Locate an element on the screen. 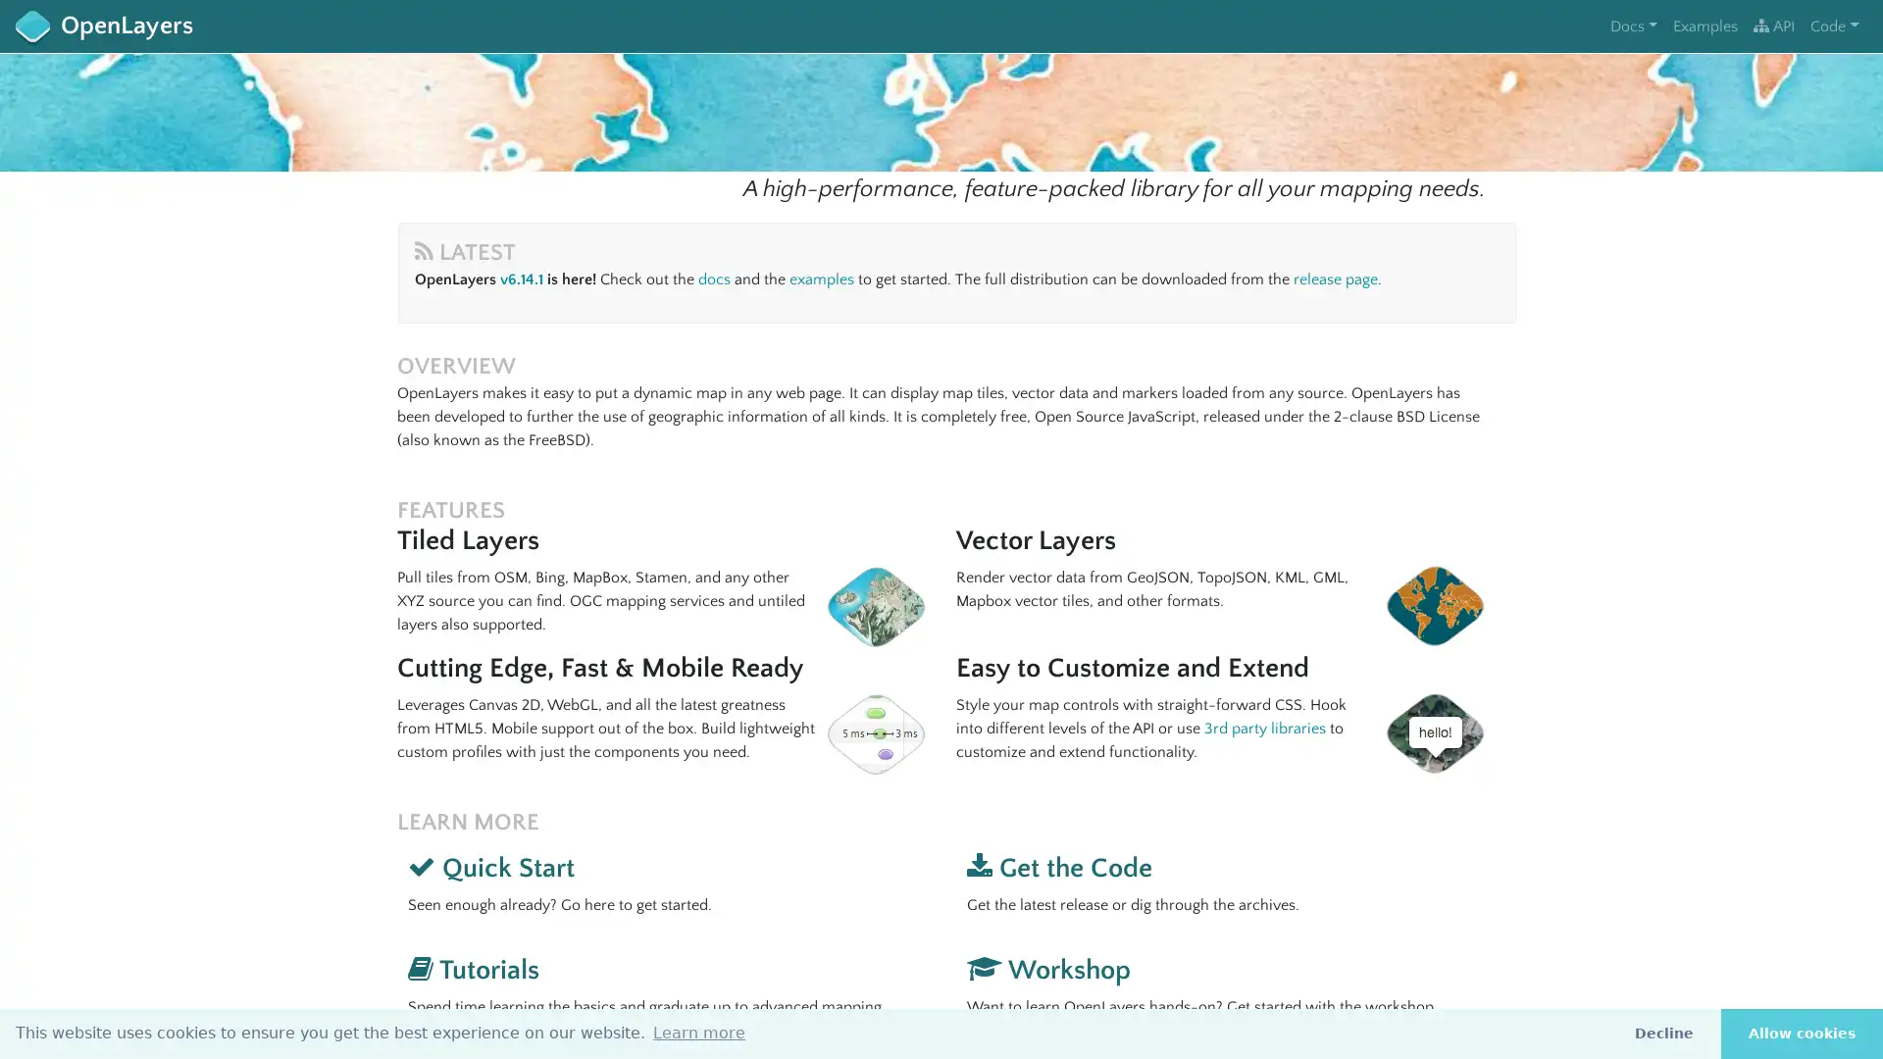 The image size is (1883, 1059). + is located at coordinates (22, 75).